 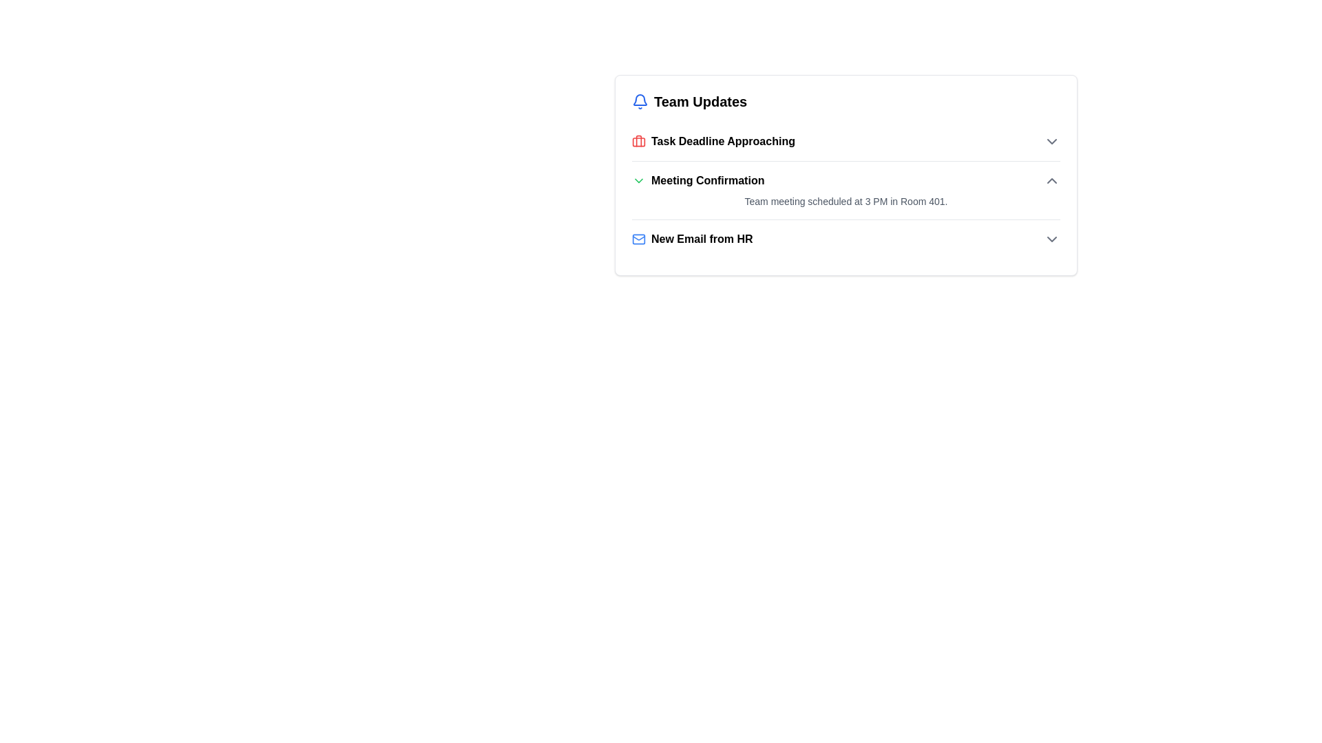 I want to click on notification text label indicating meeting-related updates, which is the second item in the 'Team Updates' list, following 'Task Deadline Approaching', so click(x=708, y=180).